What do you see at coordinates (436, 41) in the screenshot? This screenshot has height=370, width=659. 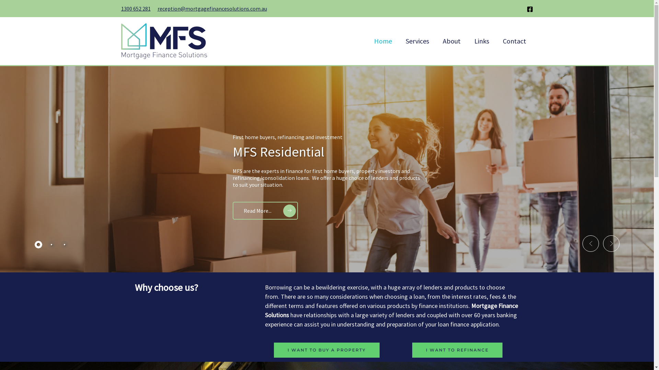 I see `'About'` at bounding box center [436, 41].